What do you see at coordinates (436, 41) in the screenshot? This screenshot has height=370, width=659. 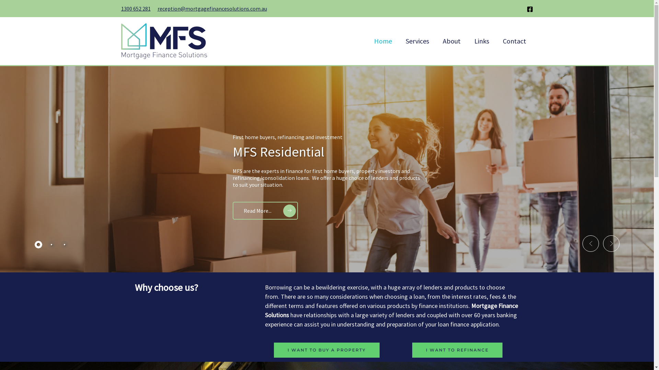 I see `'About'` at bounding box center [436, 41].